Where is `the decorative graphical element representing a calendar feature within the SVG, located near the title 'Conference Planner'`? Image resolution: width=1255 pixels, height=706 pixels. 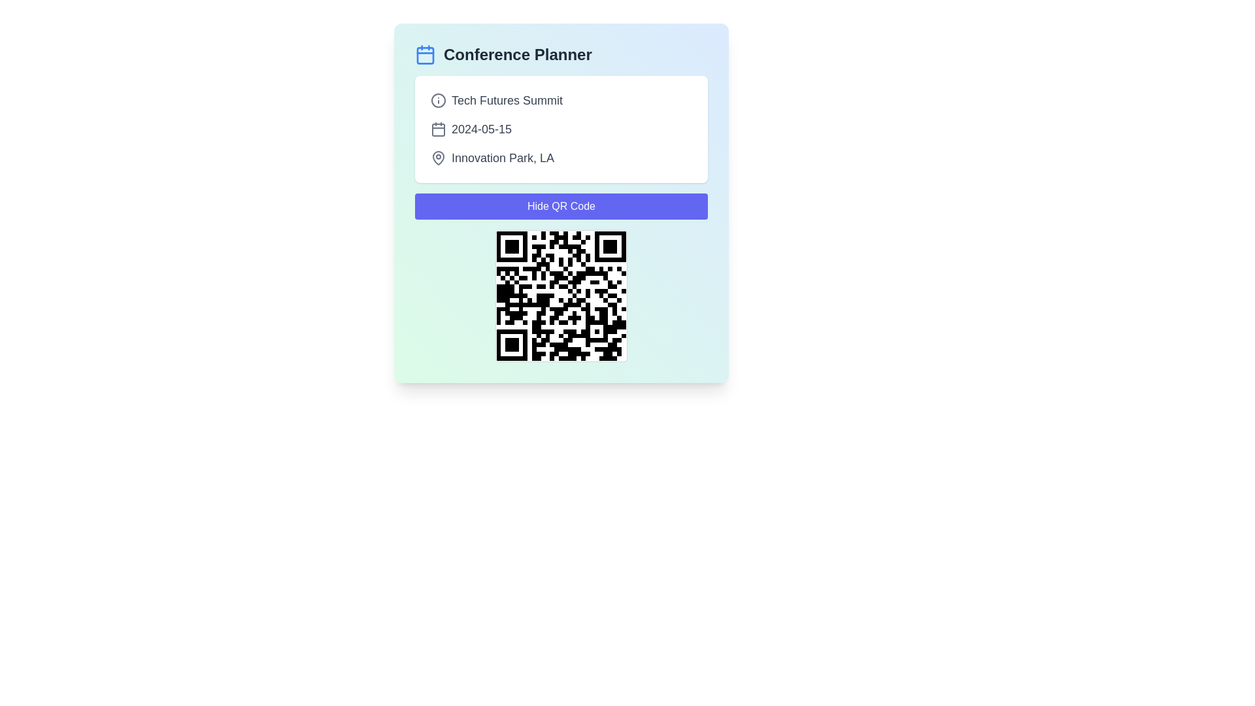
the decorative graphical element representing a calendar feature within the SVG, located near the title 'Conference Planner' is located at coordinates (426, 54).